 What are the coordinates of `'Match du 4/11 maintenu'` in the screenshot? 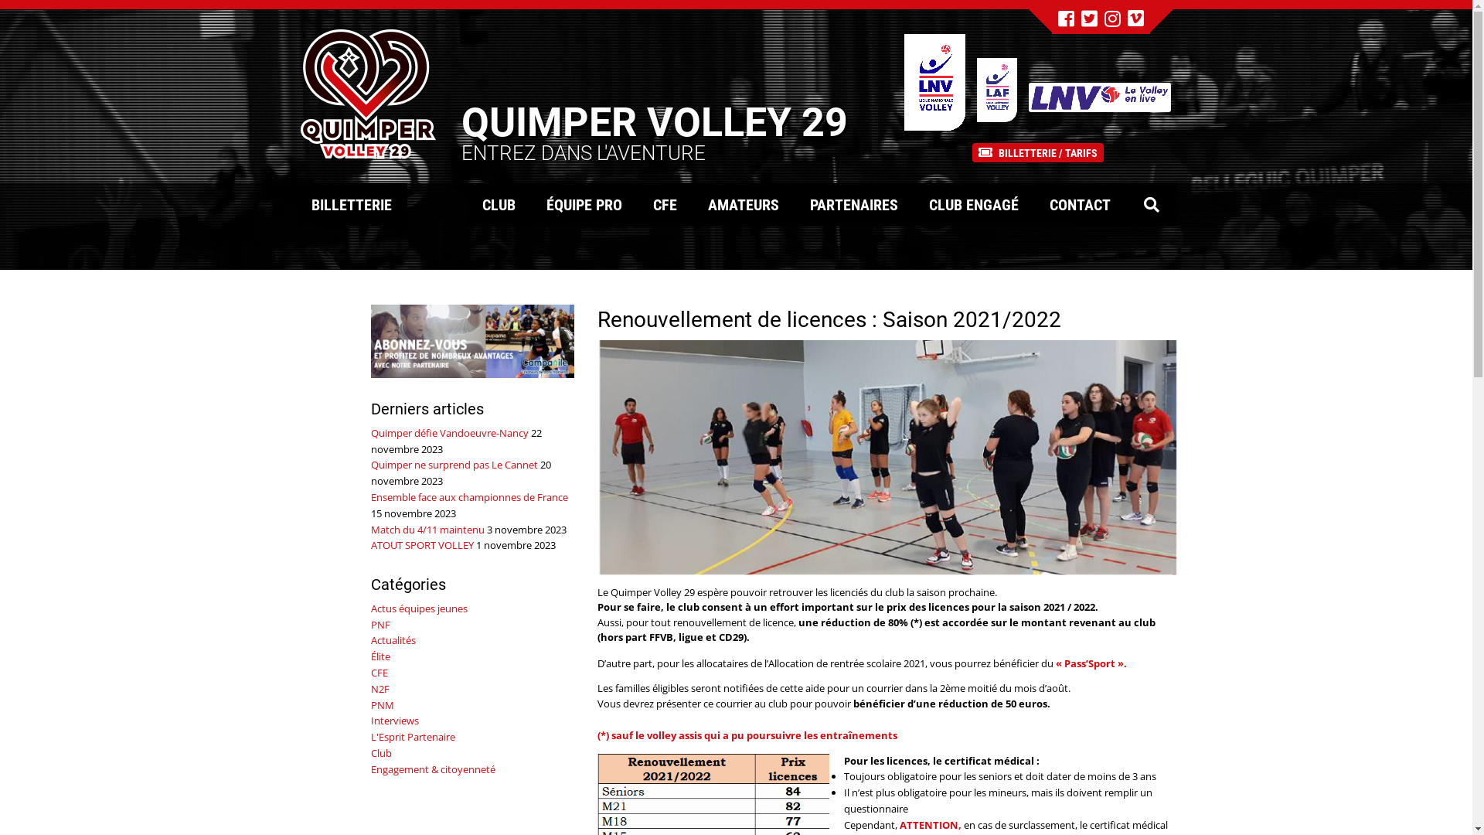 It's located at (427, 529).